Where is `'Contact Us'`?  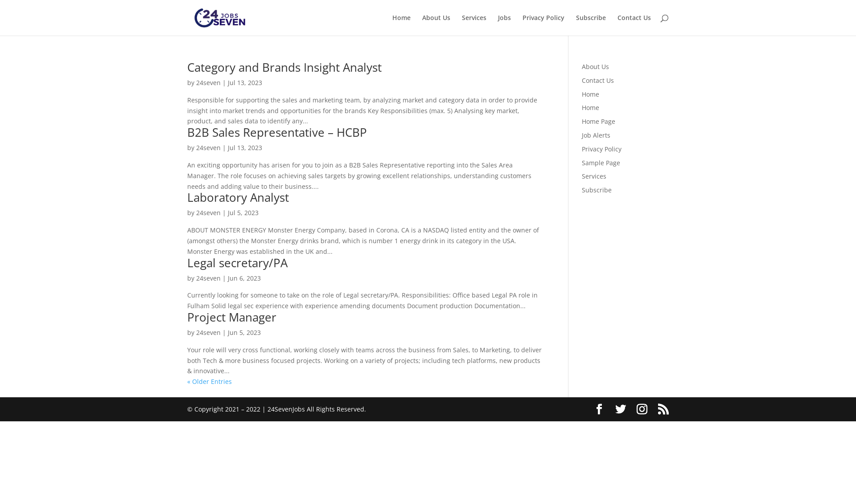 'Contact Us' is located at coordinates (634, 24).